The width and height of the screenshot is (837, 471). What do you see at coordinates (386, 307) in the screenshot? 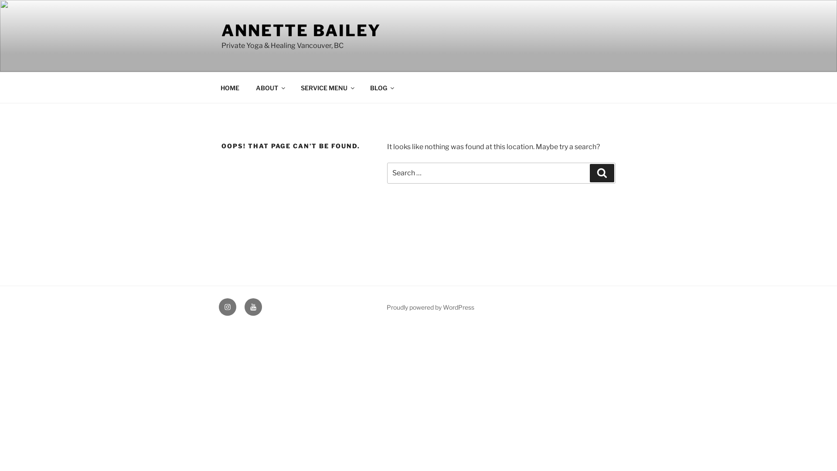
I see `'Proudly powered by WordPress'` at bounding box center [386, 307].